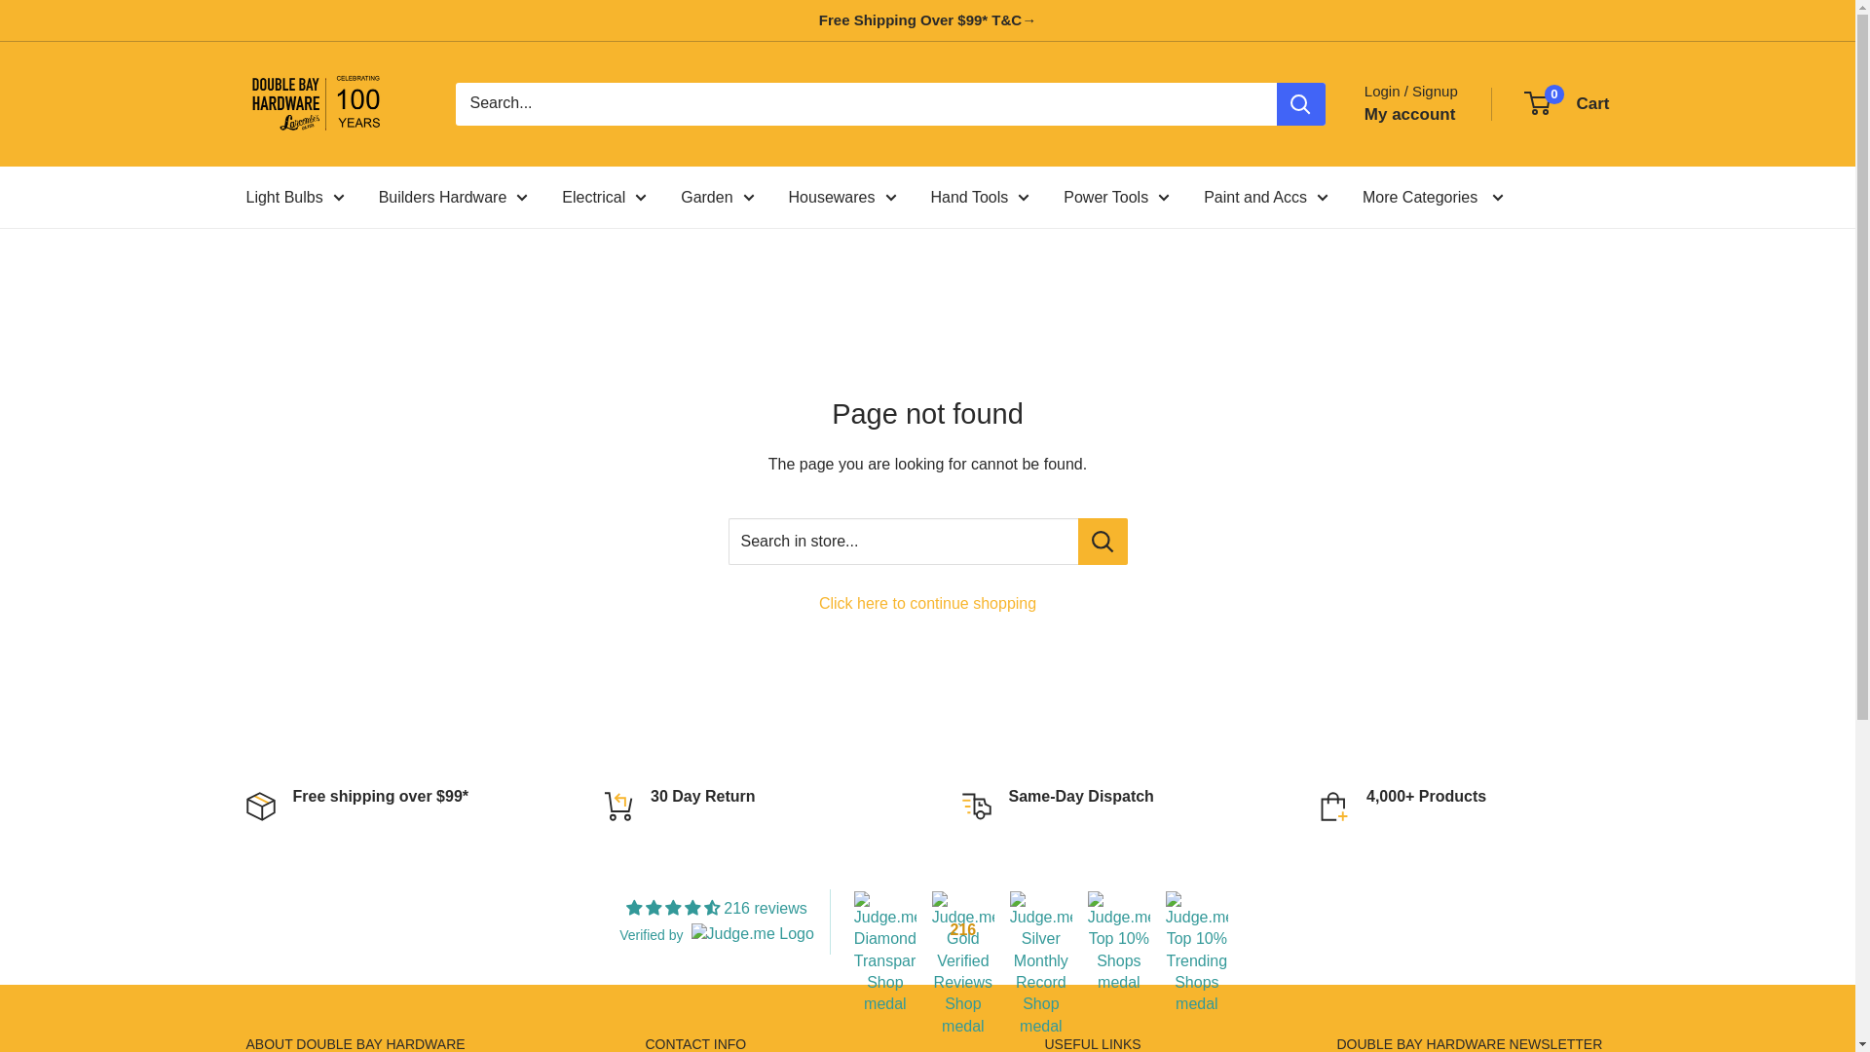 The height and width of the screenshot is (1052, 1870). Describe the element at coordinates (1410, 115) in the screenshot. I see `'My account'` at that location.